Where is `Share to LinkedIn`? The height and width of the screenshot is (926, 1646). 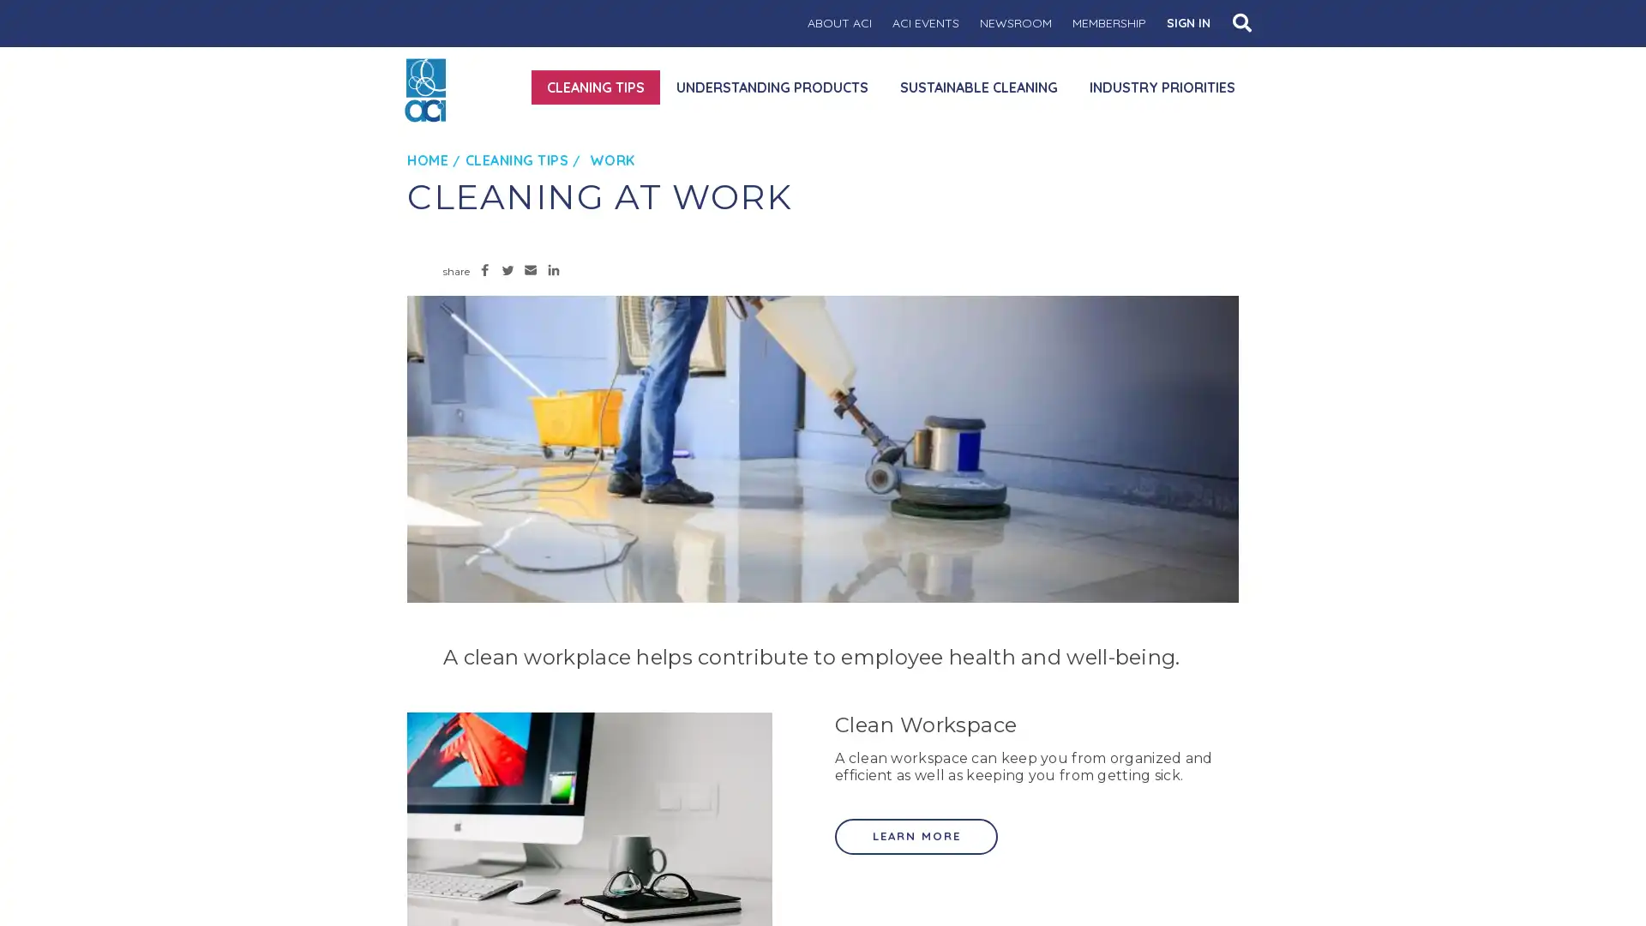
Share to LinkedIn is located at coordinates (545, 270).